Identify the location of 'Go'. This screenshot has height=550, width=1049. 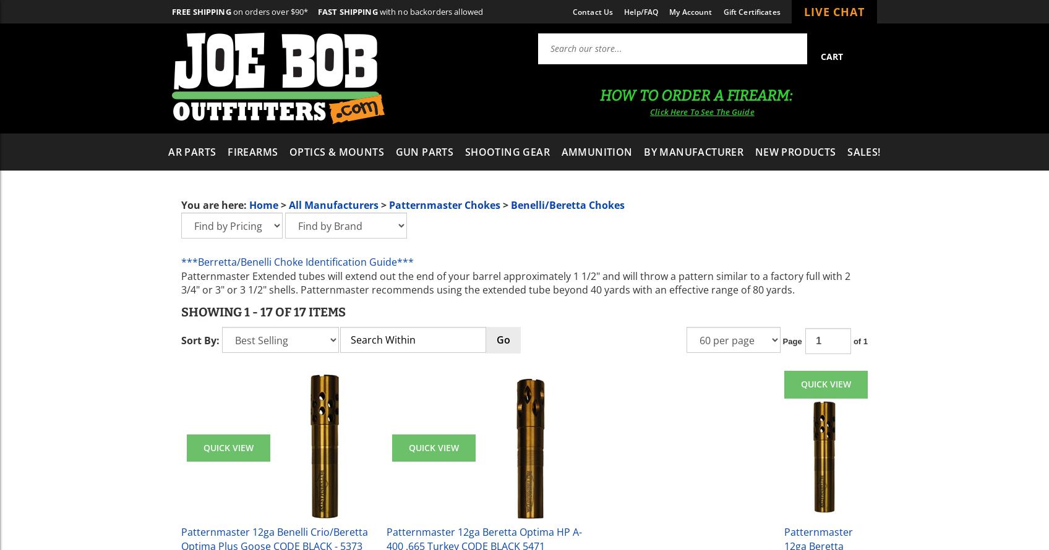
(503, 339).